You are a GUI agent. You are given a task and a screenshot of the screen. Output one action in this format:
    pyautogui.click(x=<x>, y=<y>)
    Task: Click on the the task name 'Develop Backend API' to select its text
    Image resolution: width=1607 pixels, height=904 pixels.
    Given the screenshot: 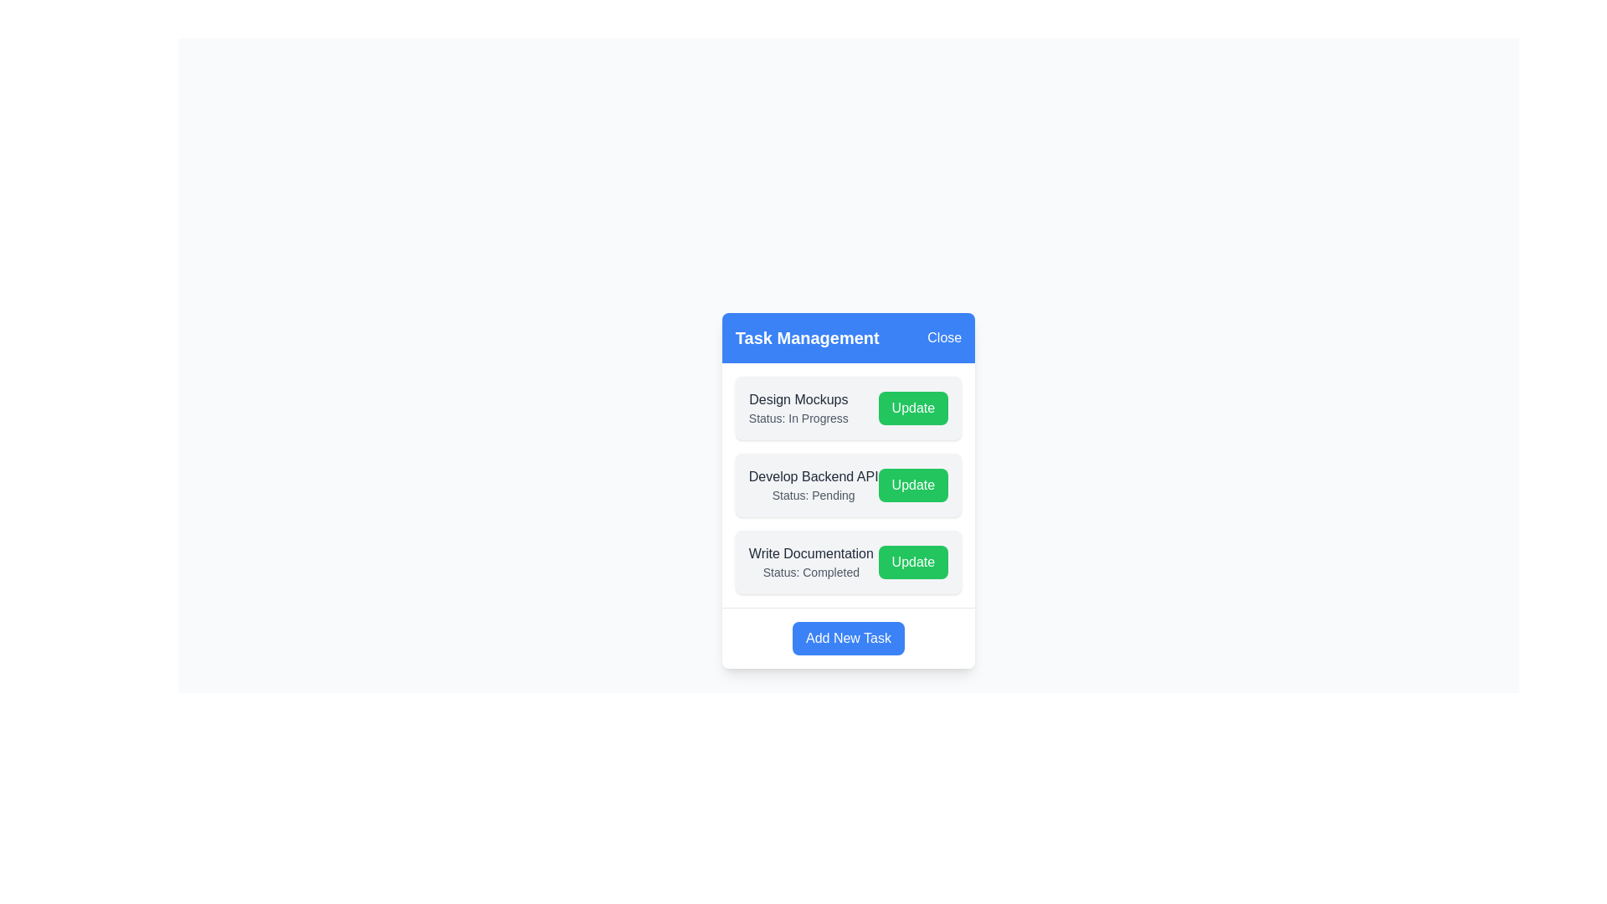 What is the action you would take?
    pyautogui.click(x=813, y=476)
    